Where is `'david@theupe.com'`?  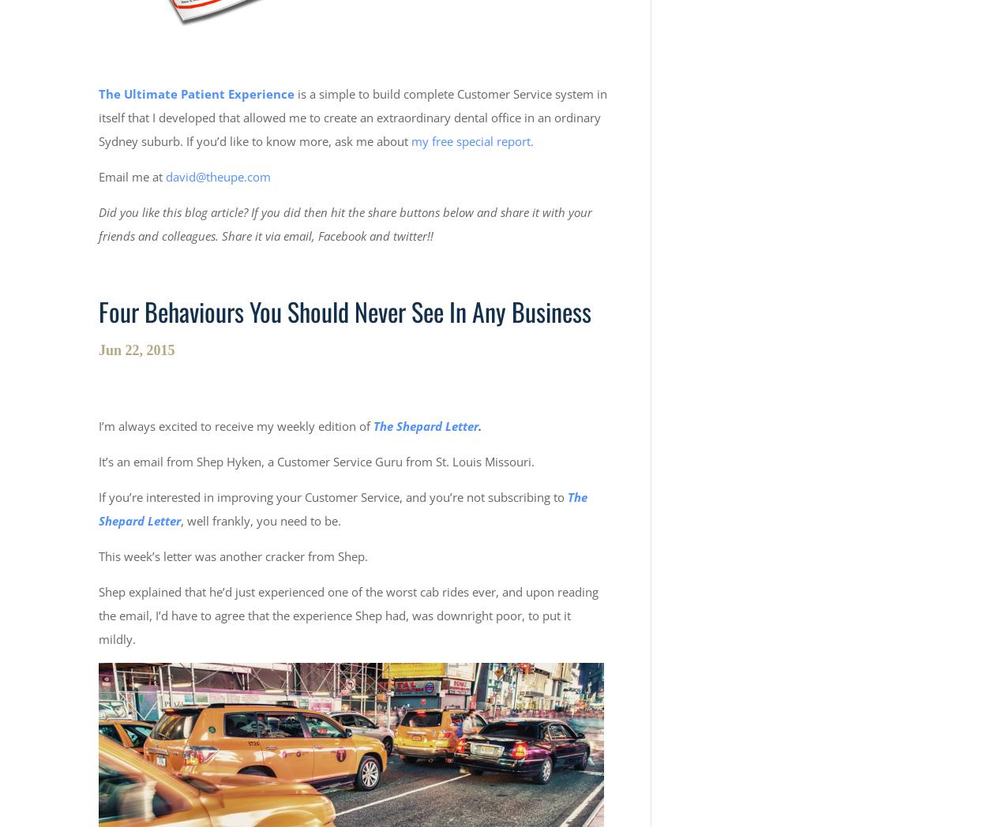 'david@theupe.com' is located at coordinates (165, 176).